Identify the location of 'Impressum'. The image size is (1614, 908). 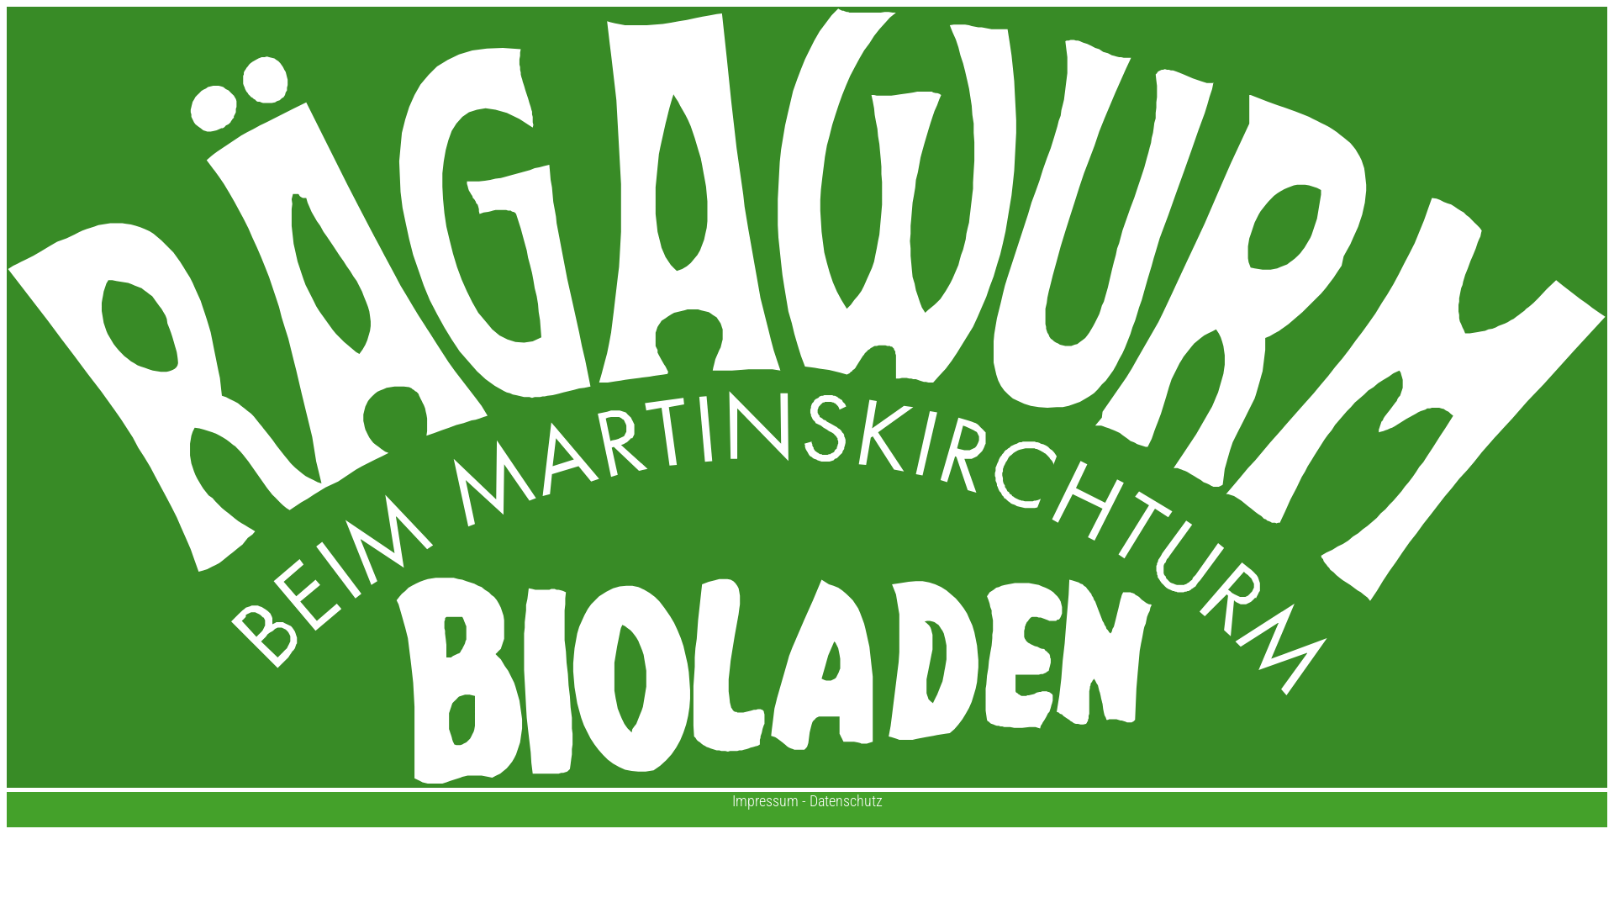
(763, 800).